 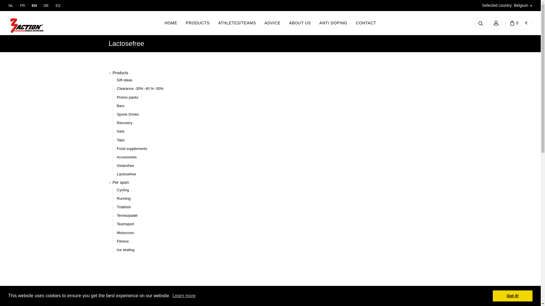 I want to click on 'Cycling', so click(x=123, y=190).